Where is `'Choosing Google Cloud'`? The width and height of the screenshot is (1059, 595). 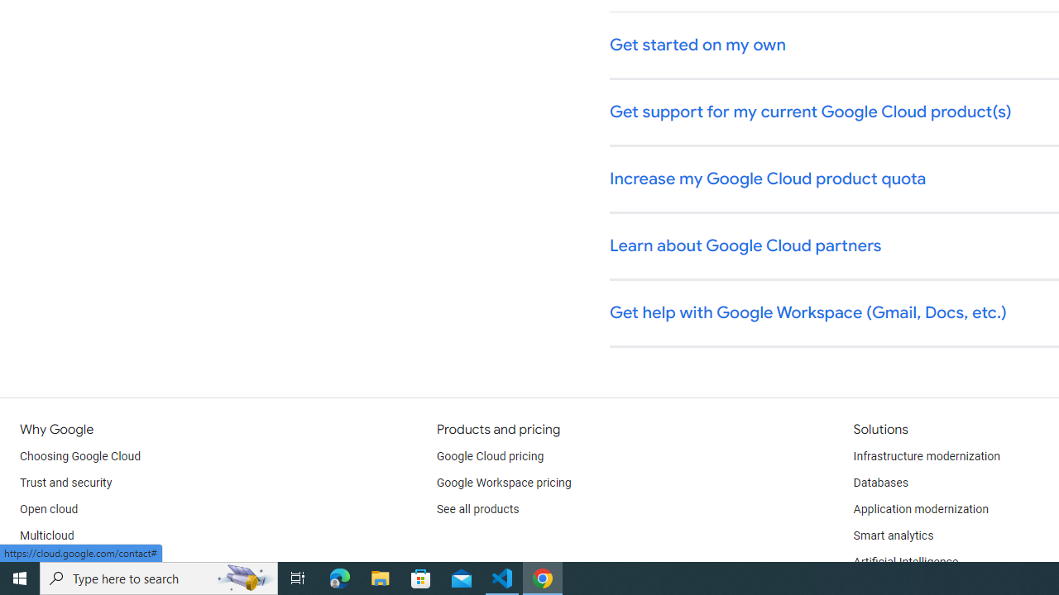 'Choosing Google Cloud' is located at coordinates (79, 456).